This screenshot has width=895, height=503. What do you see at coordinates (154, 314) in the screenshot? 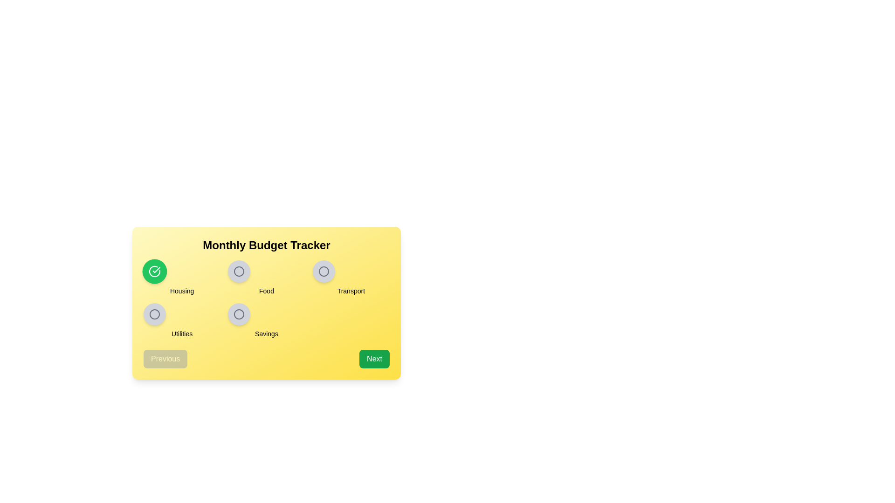
I see `the circular SVG graphic icon located beneath the checkmark icon and adjacent to the 'Utilities' label in the budget tracking application` at bounding box center [154, 314].